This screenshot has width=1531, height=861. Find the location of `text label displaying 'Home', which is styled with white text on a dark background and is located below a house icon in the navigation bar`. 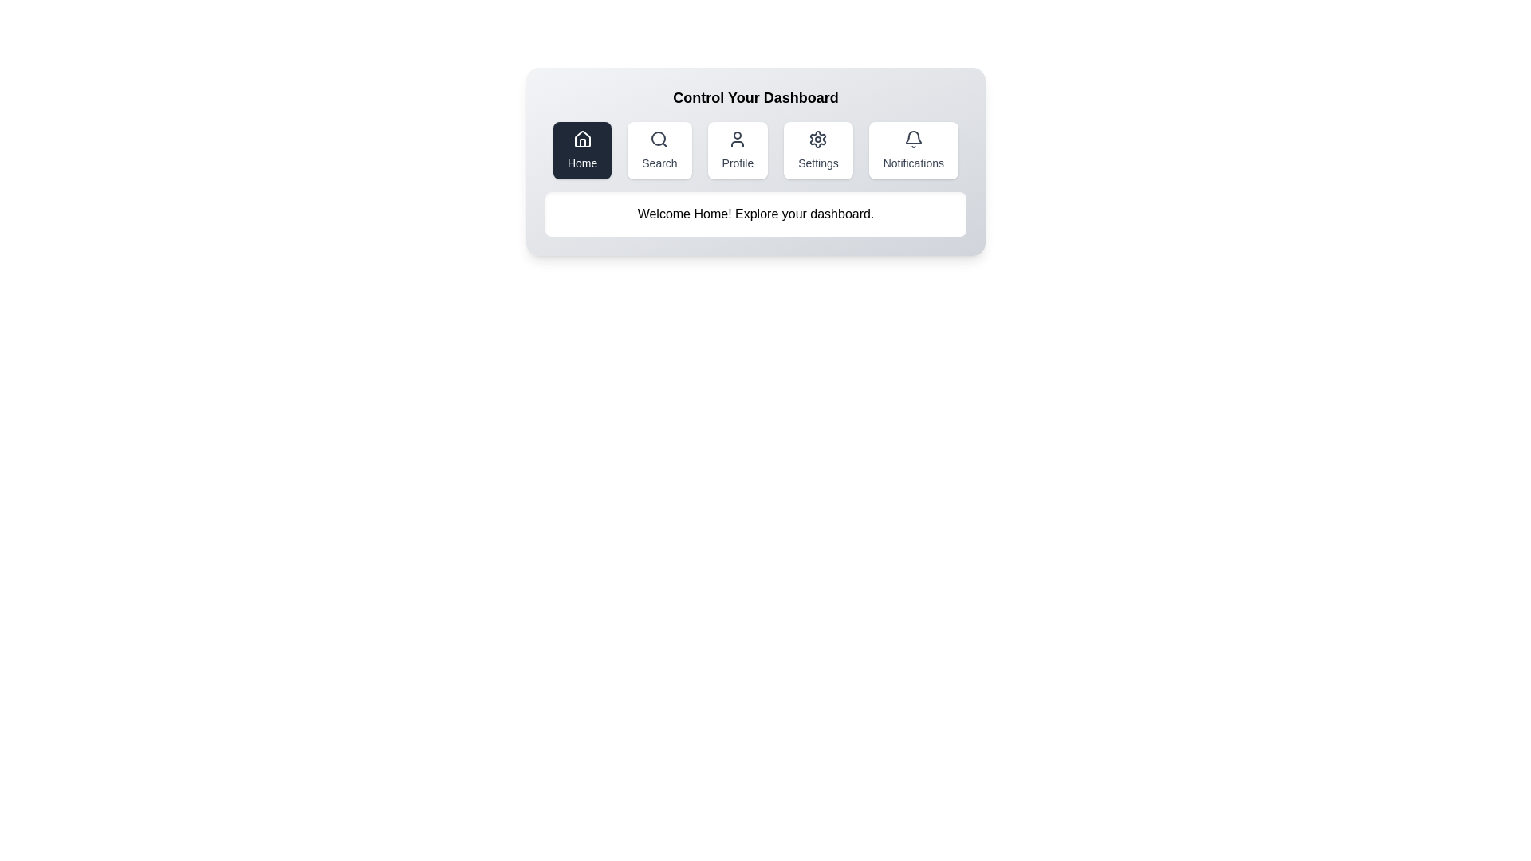

text label displaying 'Home', which is styled with white text on a dark background and is located below a house icon in the navigation bar is located at coordinates (581, 163).